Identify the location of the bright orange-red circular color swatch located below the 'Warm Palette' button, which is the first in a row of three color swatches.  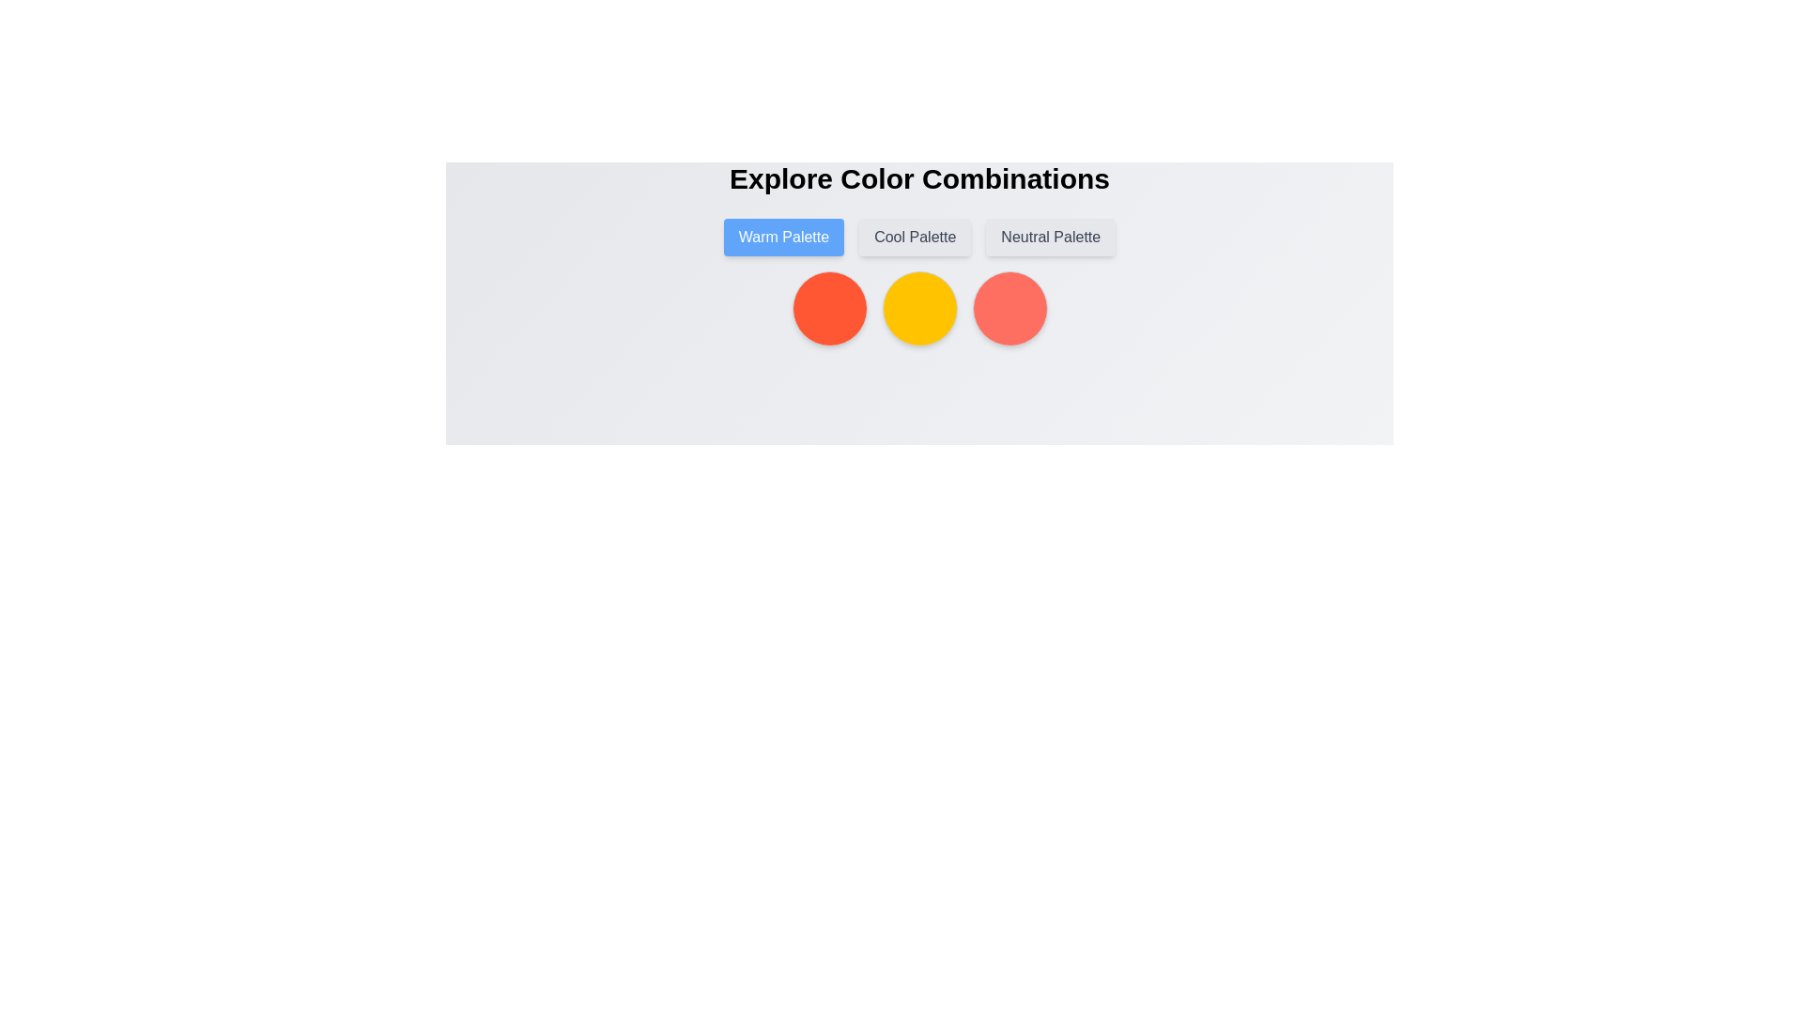
(828, 307).